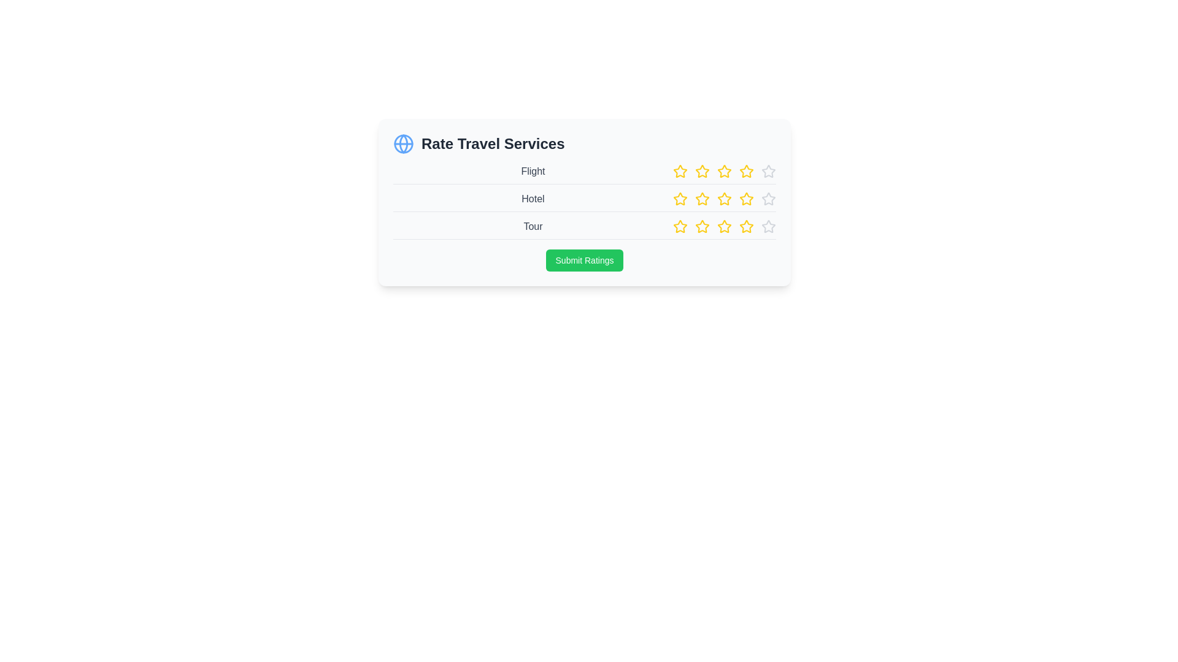 Image resolution: width=1178 pixels, height=662 pixels. What do you see at coordinates (679, 226) in the screenshot?
I see `the fourth star in the Tour rating row` at bounding box center [679, 226].